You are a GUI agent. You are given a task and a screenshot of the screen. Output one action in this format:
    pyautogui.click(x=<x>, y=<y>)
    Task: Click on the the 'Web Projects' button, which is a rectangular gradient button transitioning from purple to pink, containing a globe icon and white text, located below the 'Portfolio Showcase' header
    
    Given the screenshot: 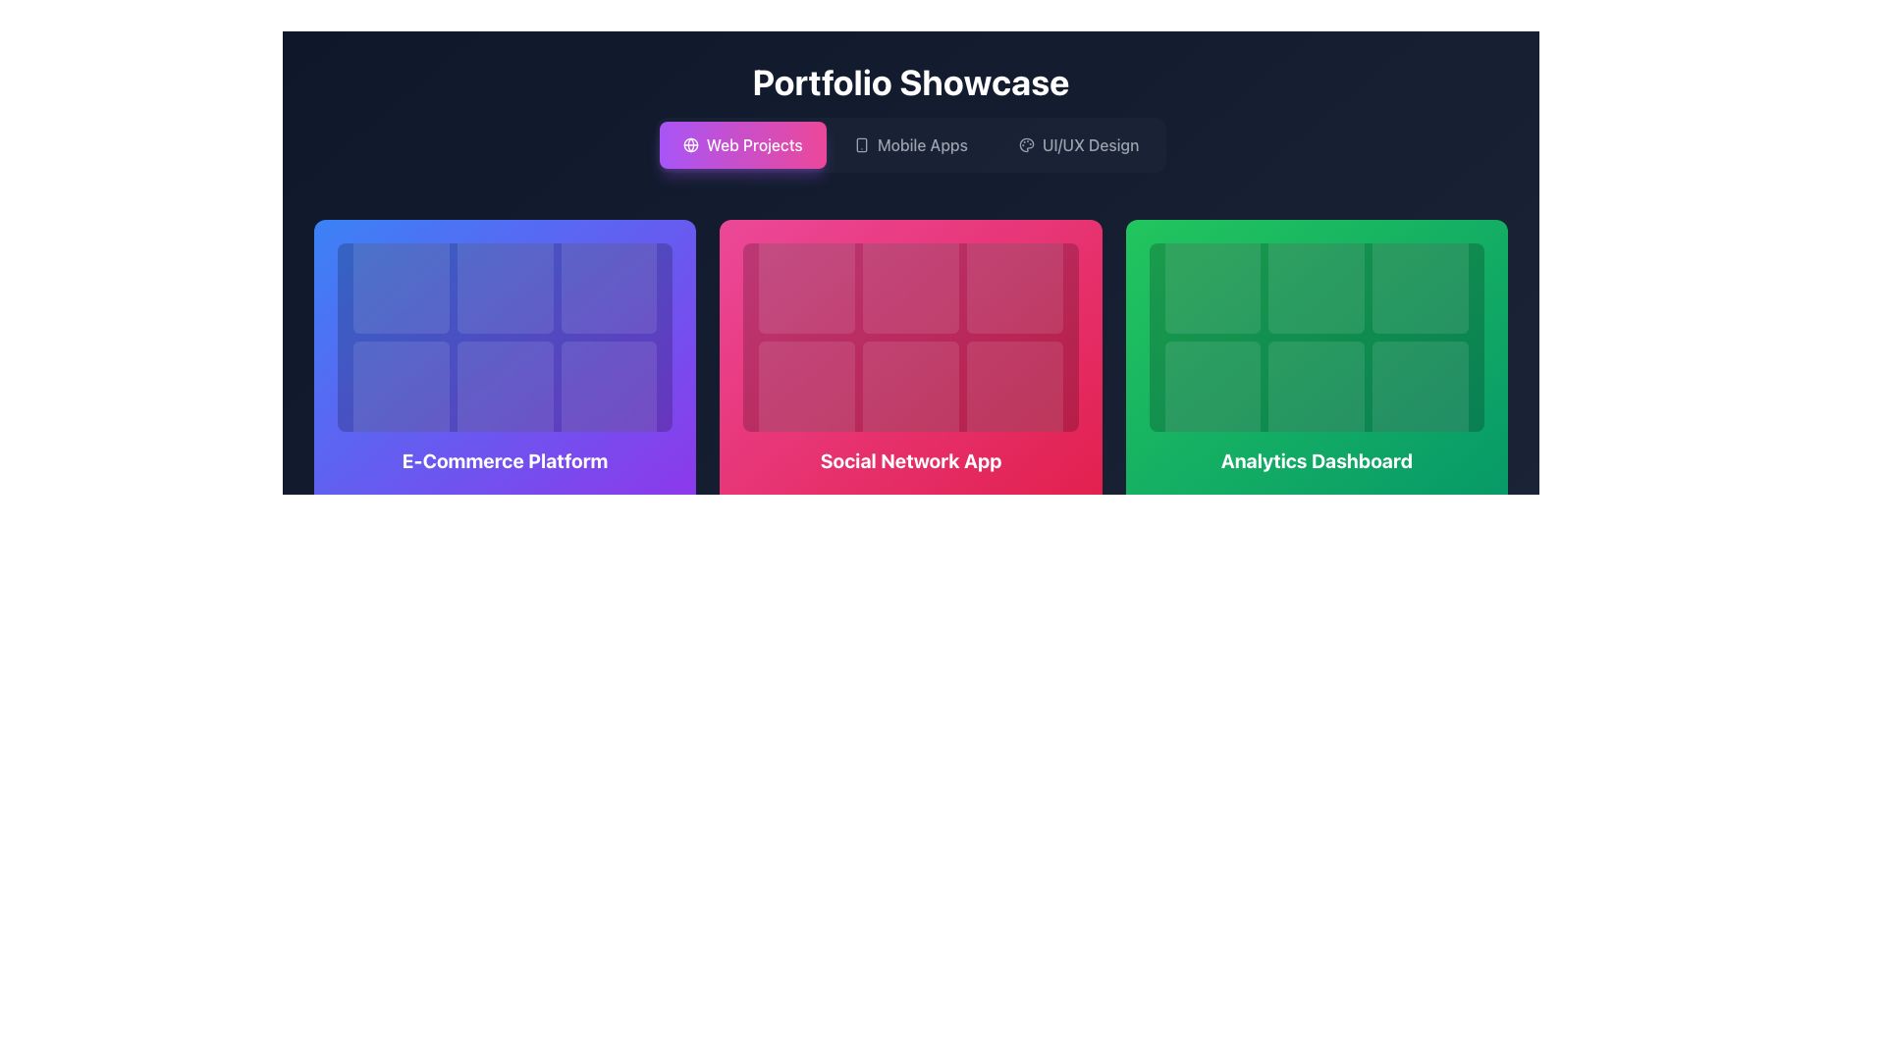 What is the action you would take?
    pyautogui.click(x=741, y=143)
    